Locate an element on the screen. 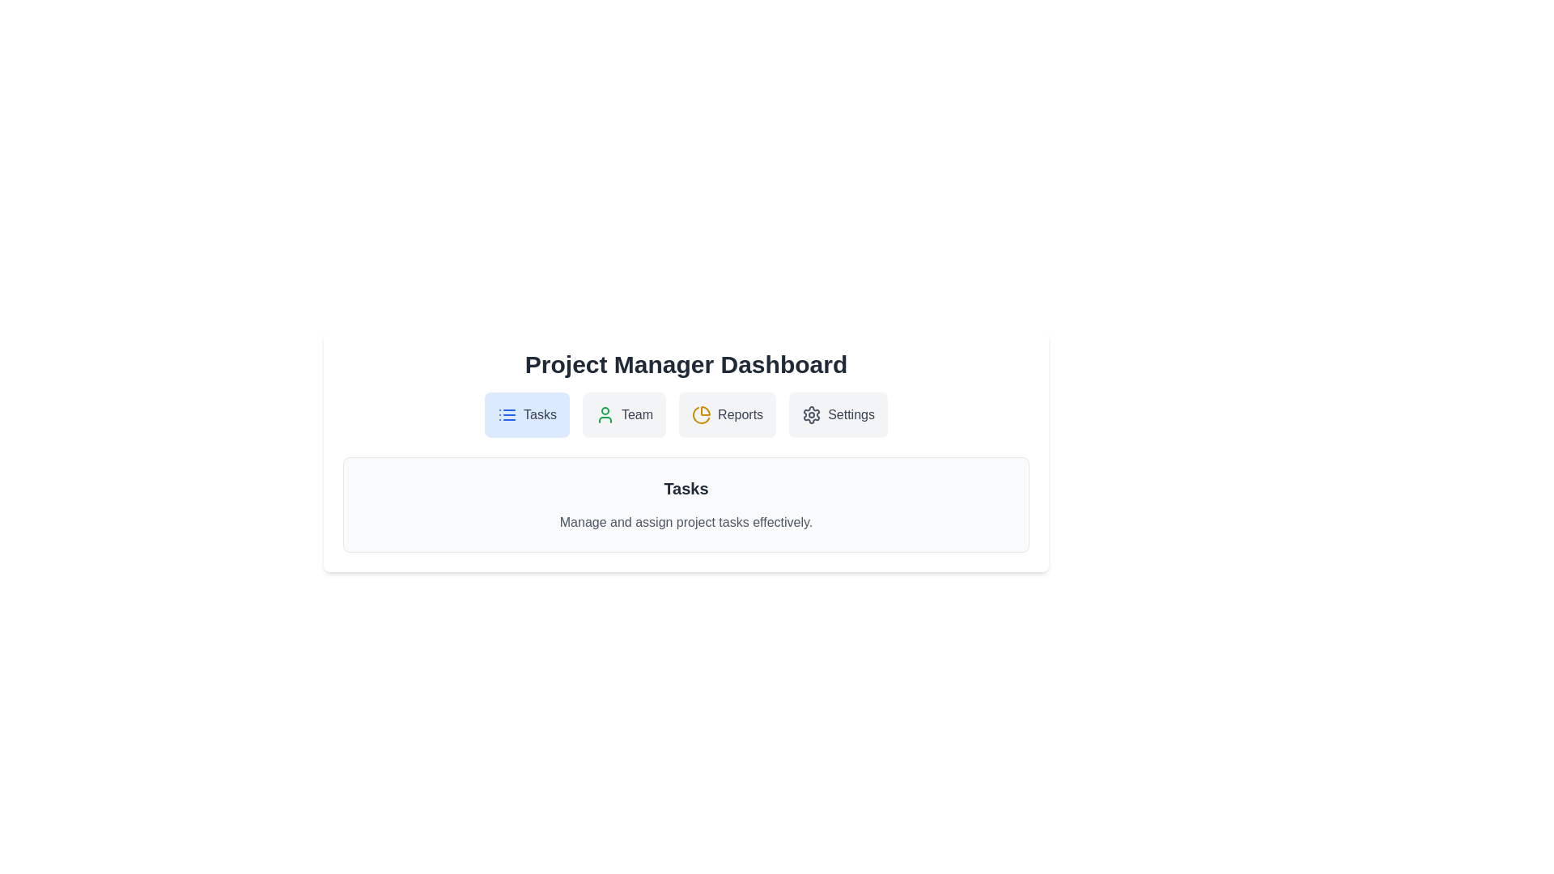 This screenshot has width=1554, height=874. the 'Tasks' button to view task-related content is located at coordinates (527, 414).